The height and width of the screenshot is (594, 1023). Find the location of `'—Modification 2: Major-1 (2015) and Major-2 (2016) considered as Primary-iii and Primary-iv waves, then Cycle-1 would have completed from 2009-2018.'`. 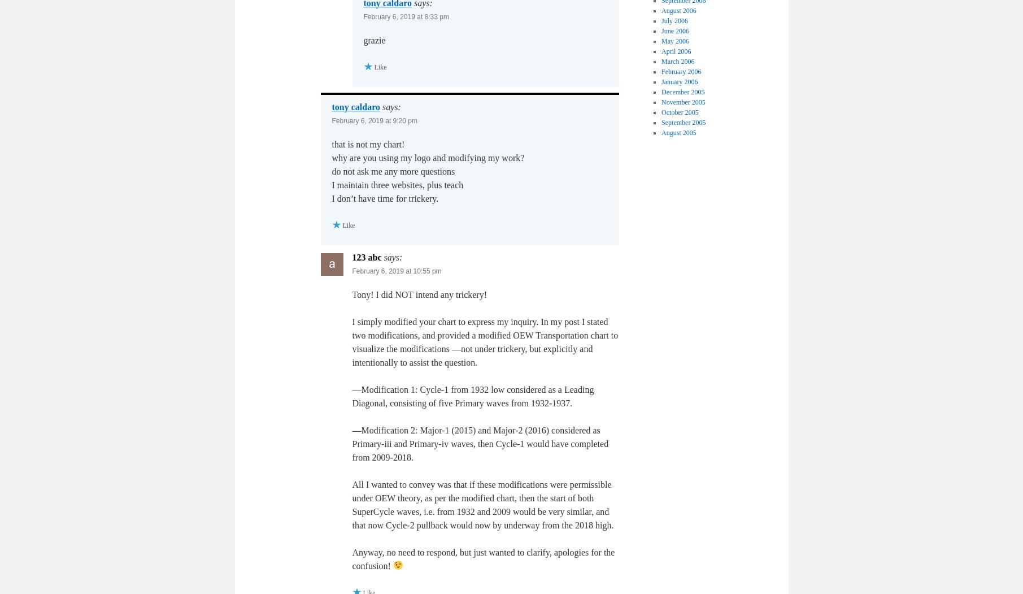

'—Modification 2: Major-1 (2015) and Major-2 (2016) considered as Primary-iii and Primary-iv waves, then Cycle-1 would have completed from 2009-2018.' is located at coordinates (480, 443).